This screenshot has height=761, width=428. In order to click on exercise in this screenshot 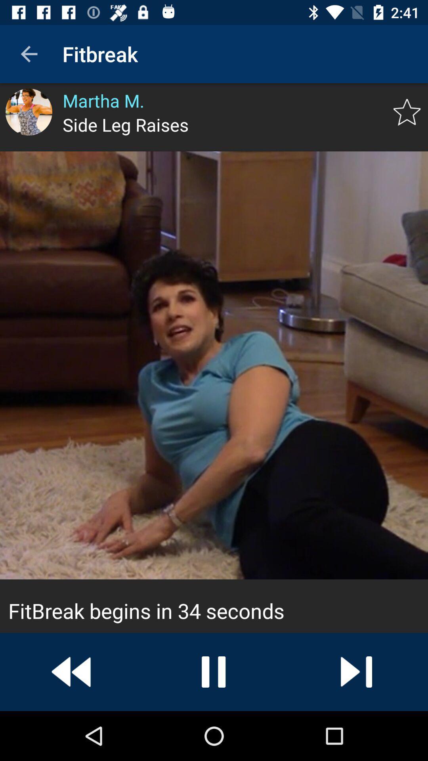, I will do `click(407, 112)`.